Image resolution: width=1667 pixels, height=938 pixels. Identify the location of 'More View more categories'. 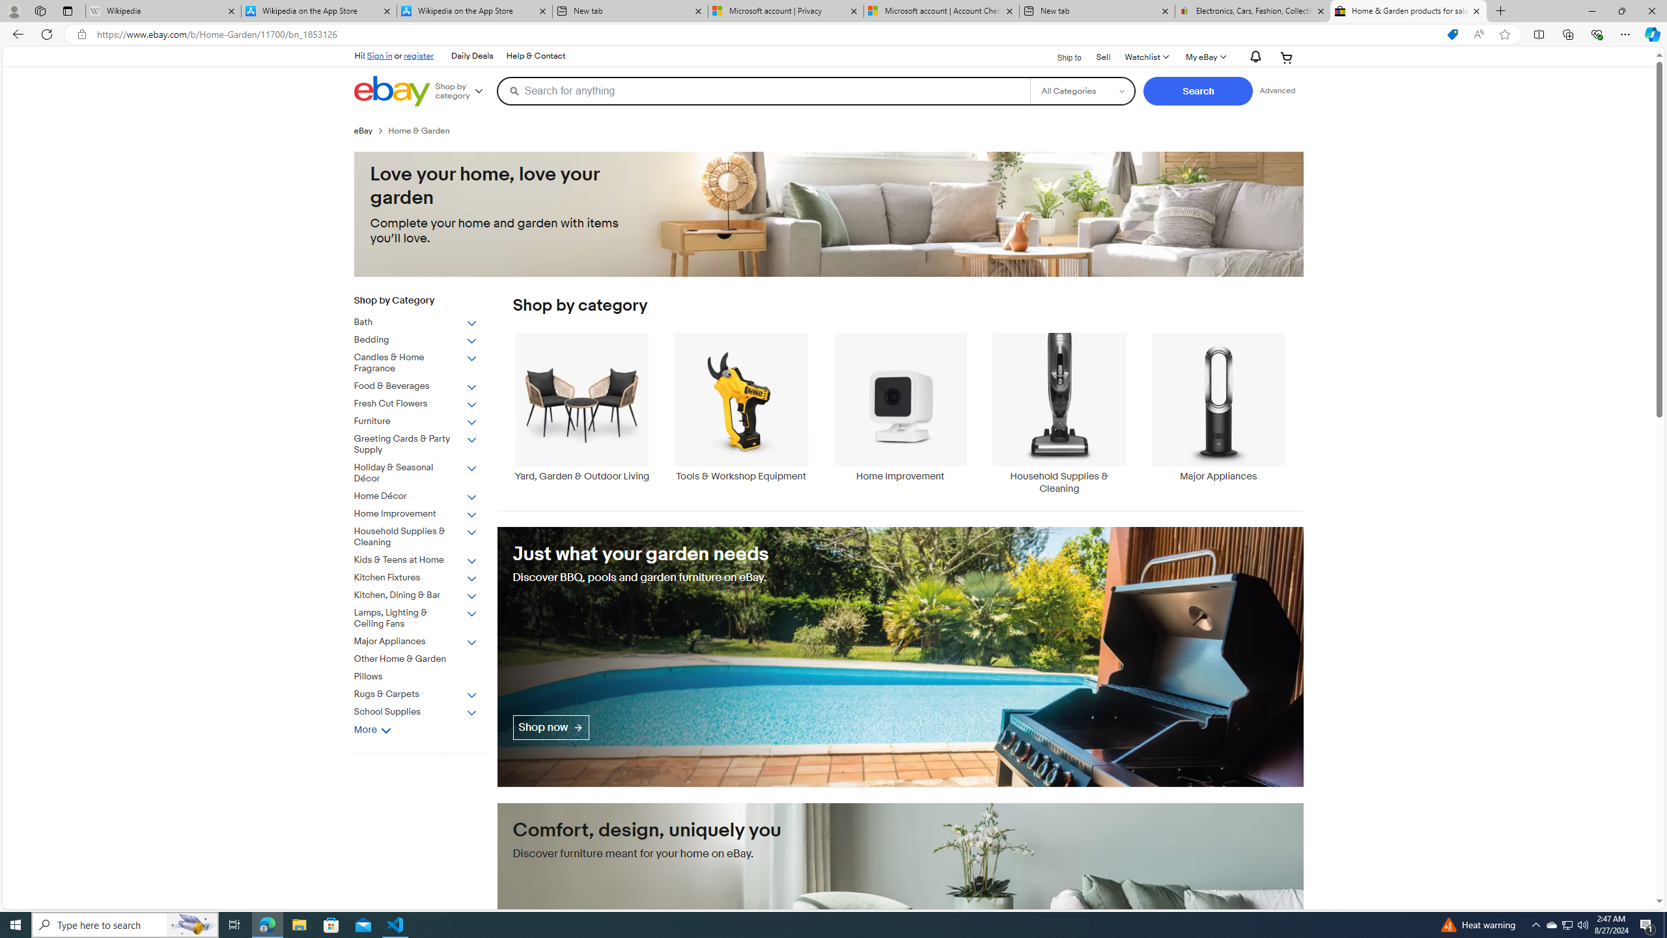
(372, 730).